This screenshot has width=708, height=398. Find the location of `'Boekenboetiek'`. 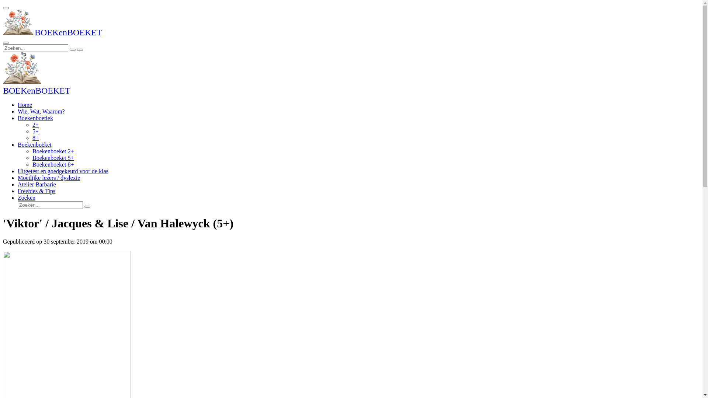

'Boekenboetiek' is located at coordinates (35, 118).